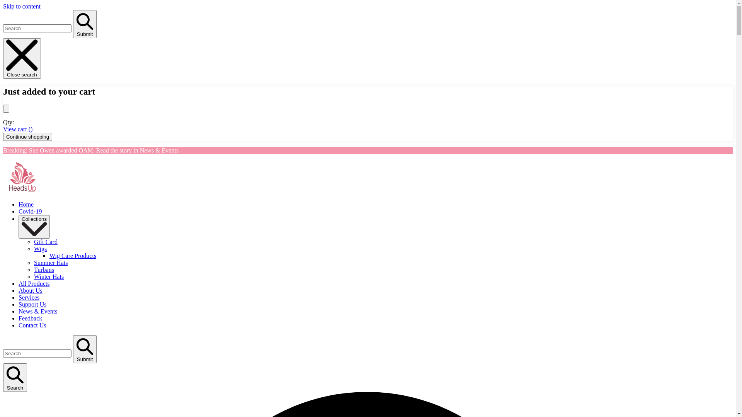 This screenshot has width=742, height=417. I want to click on 'Covid-19', so click(30, 211).